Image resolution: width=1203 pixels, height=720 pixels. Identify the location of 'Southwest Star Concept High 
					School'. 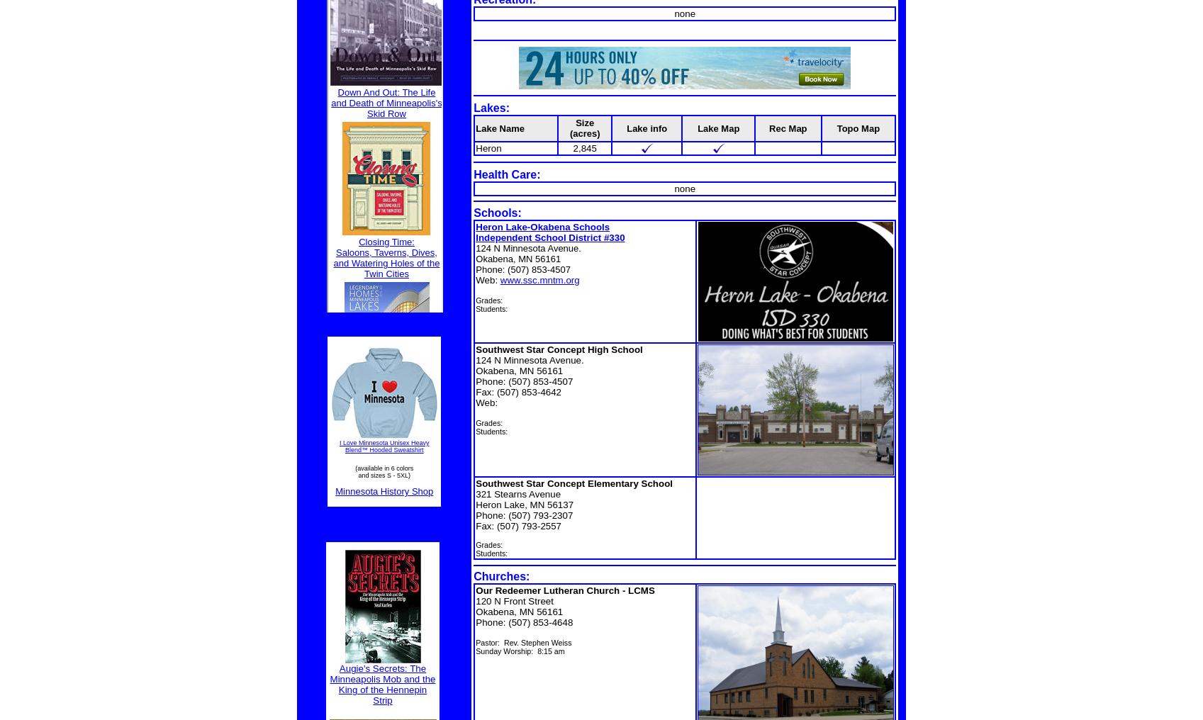
(475, 349).